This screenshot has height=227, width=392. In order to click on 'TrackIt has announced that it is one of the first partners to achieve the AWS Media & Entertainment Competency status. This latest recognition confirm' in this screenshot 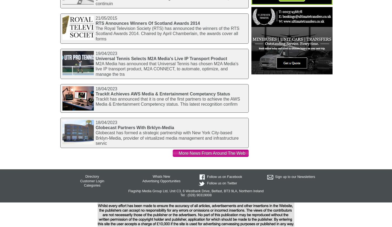, I will do `click(95, 101)`.